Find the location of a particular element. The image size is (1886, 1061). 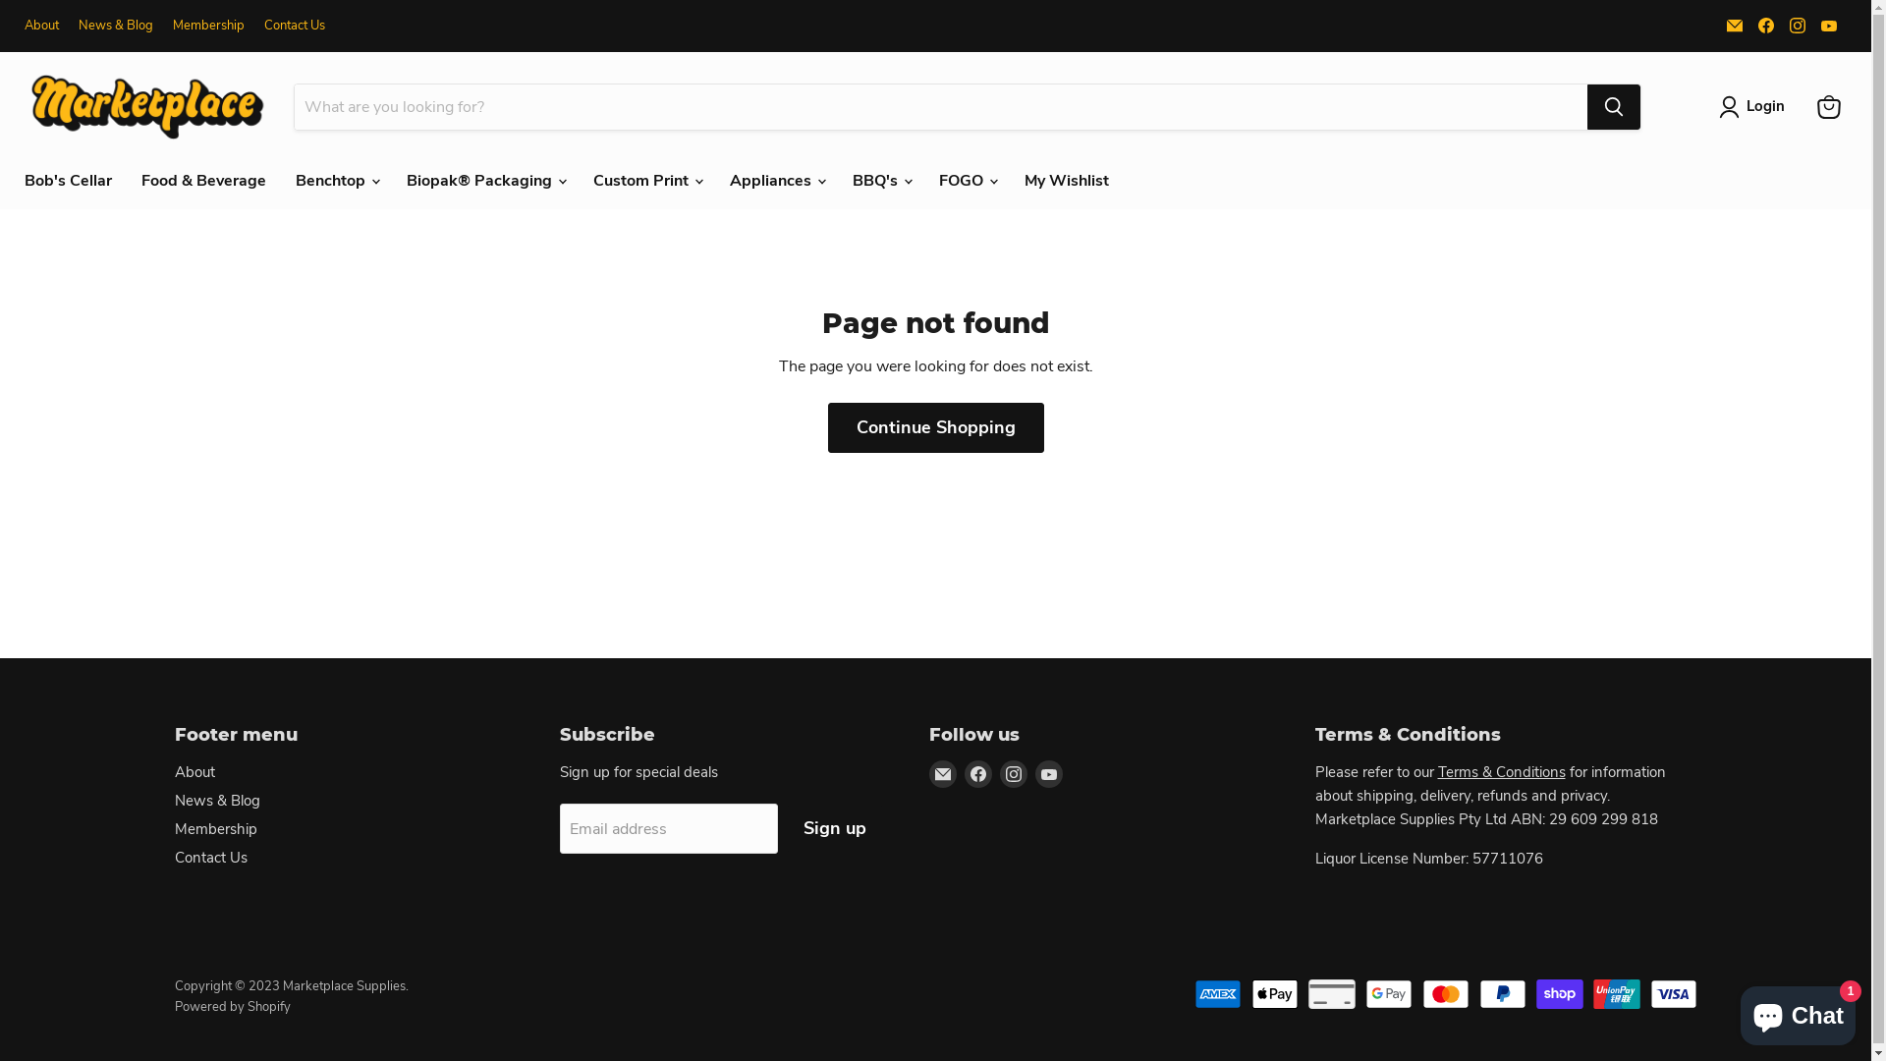

'About' is located at coordinates (194, 771).